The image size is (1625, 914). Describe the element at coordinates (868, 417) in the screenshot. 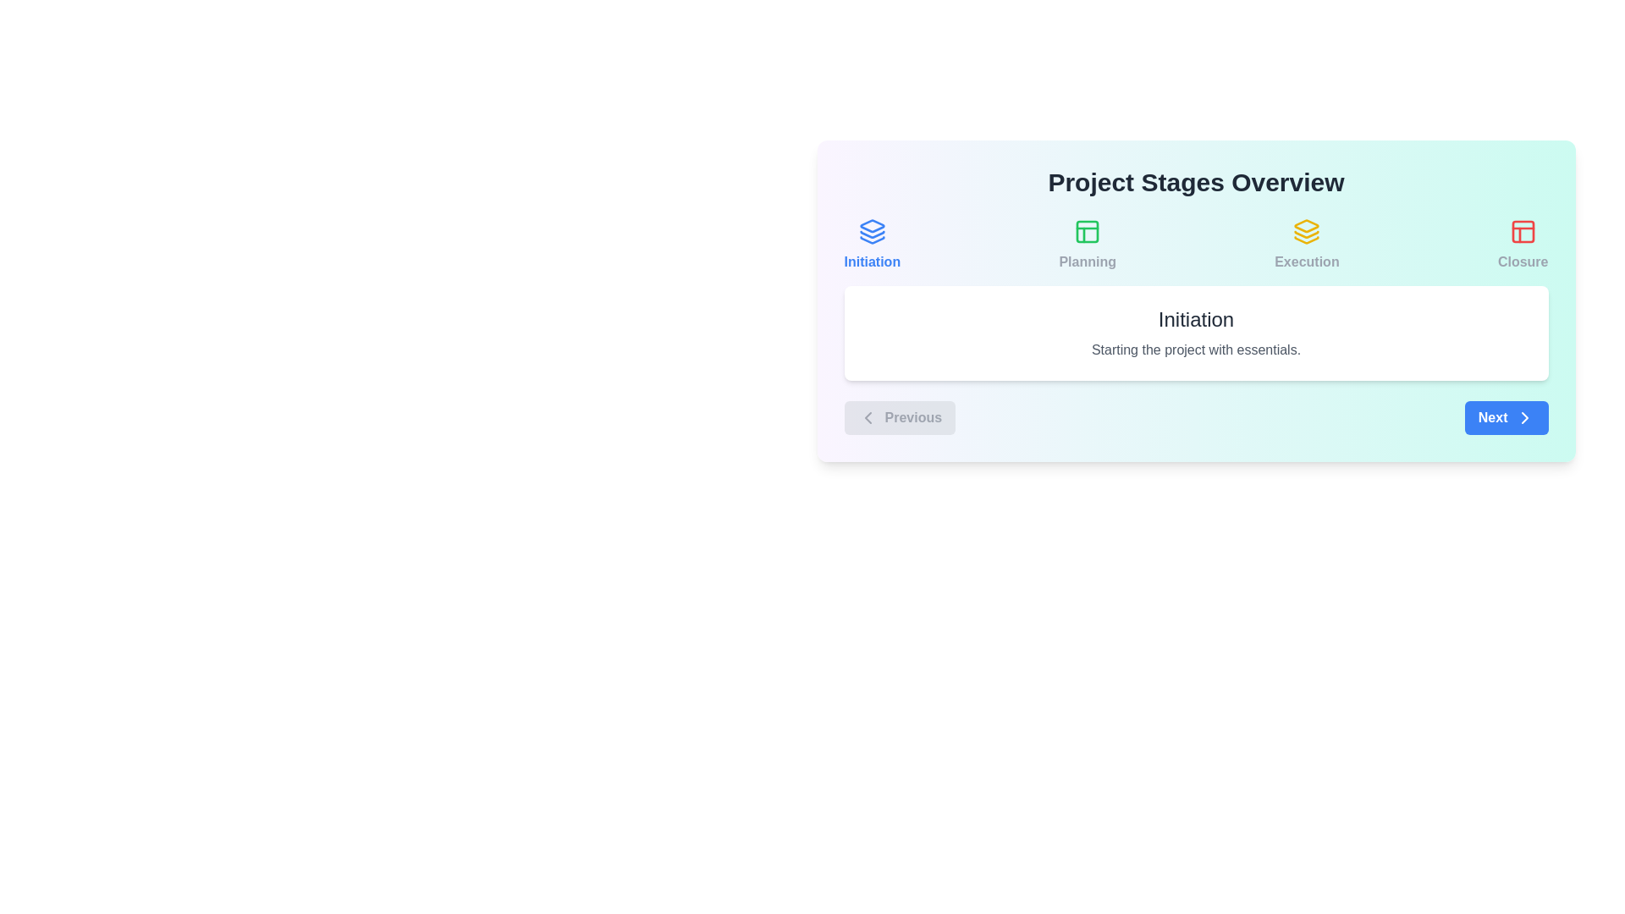

I see `the leftward-pointing chevron arrow icon located in the 'Previous' button area at the bottom-left corner of the card component` at that location.